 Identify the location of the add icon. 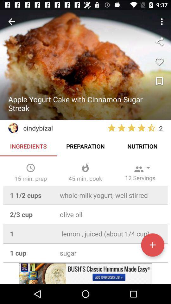
(152, 244).